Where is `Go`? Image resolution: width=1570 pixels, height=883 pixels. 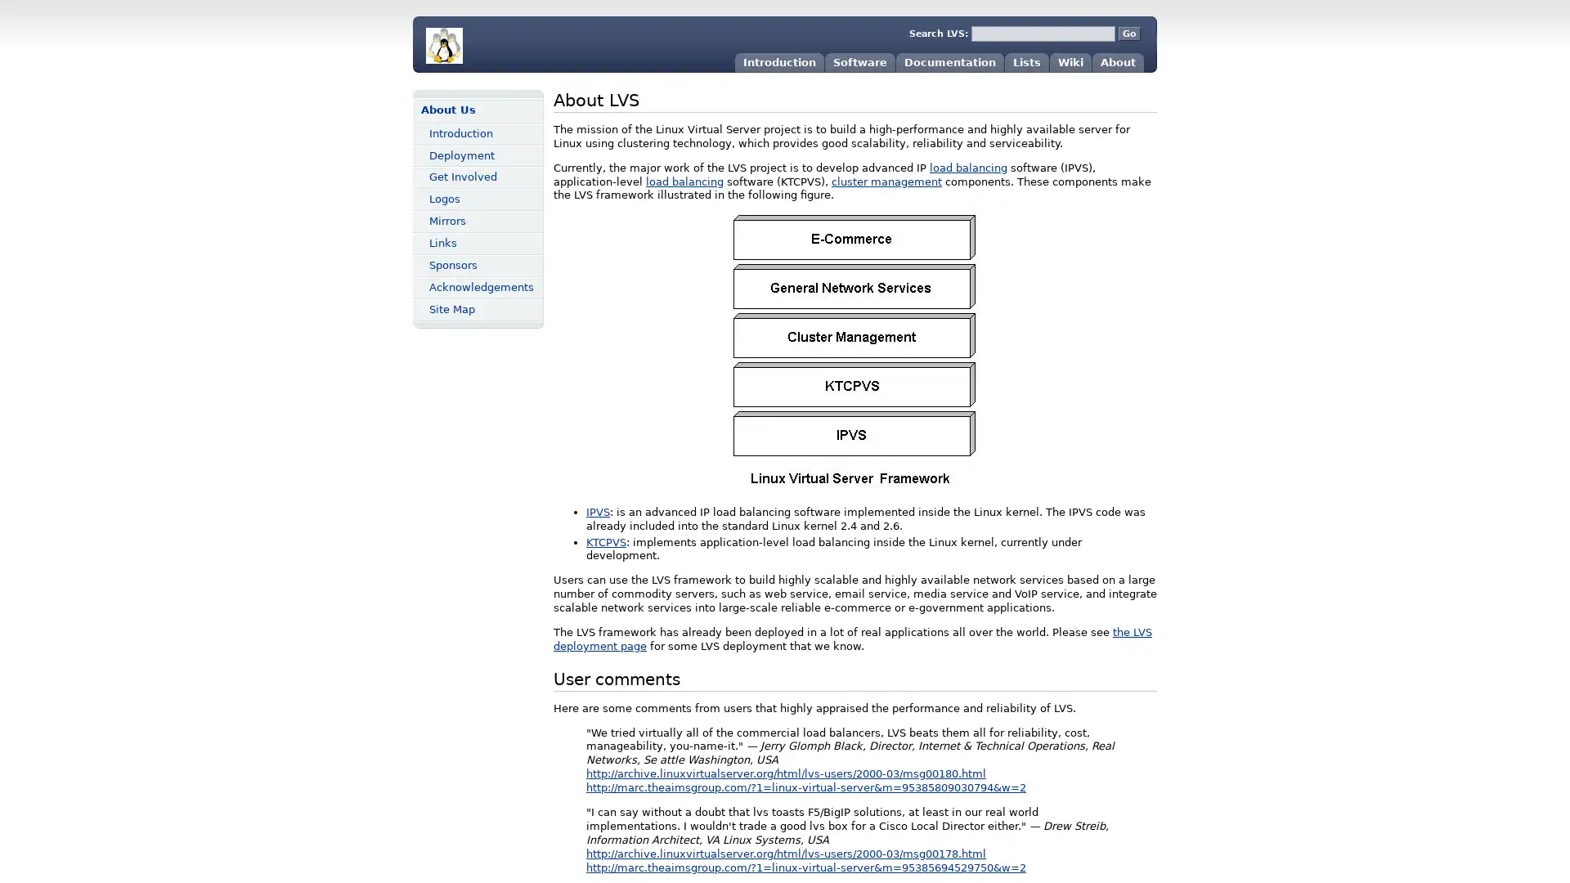
Go is located at coordinates (1128, 34).